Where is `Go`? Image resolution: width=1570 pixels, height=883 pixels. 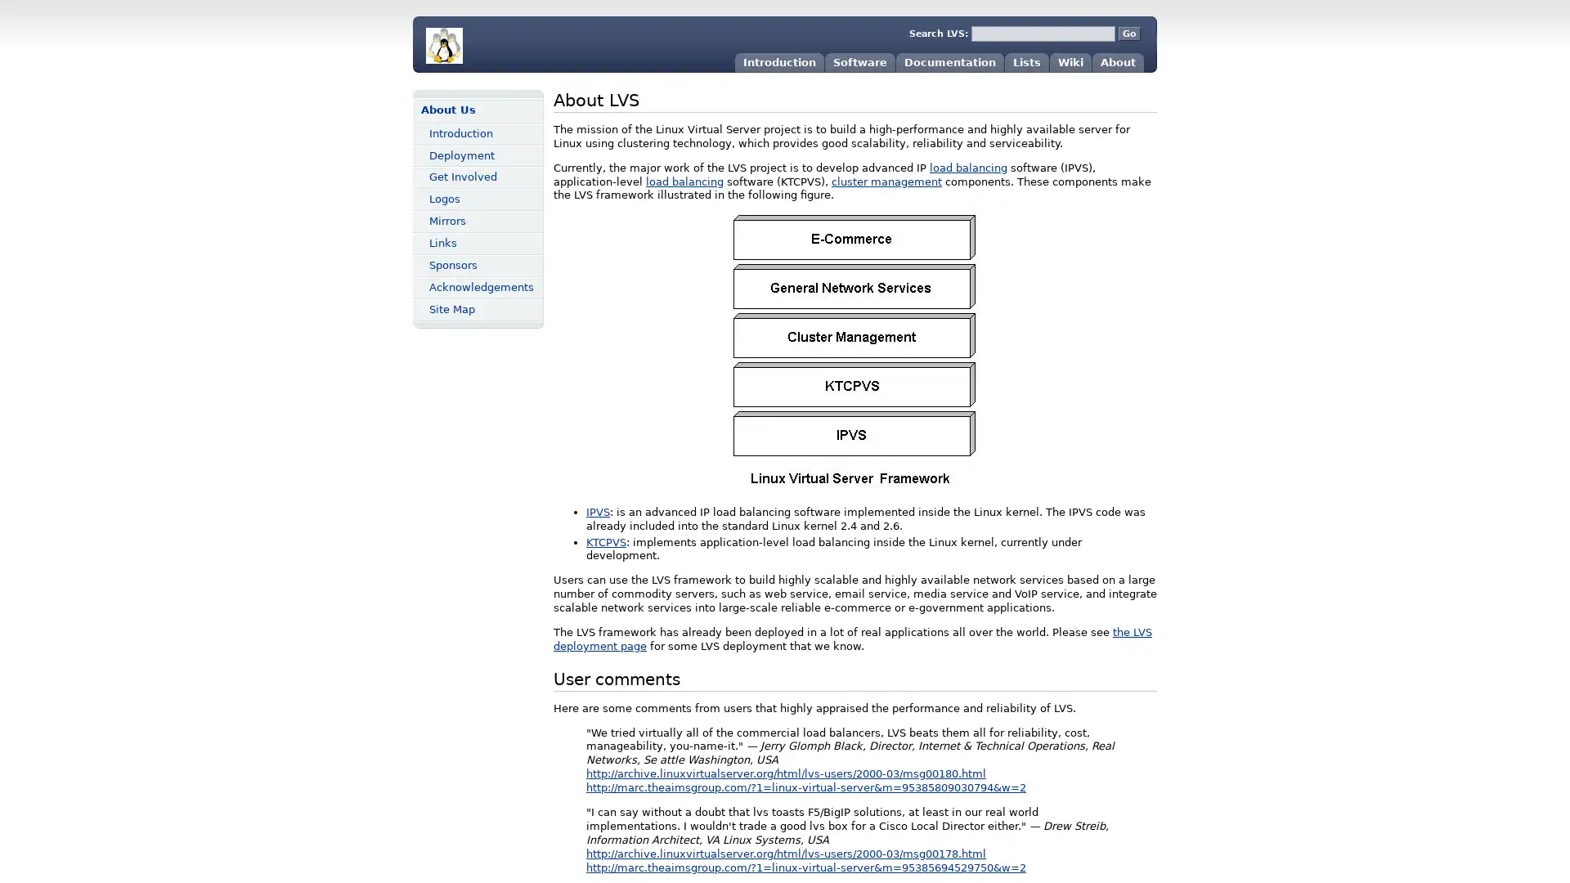
Go is located at coordinates (1128, 34).